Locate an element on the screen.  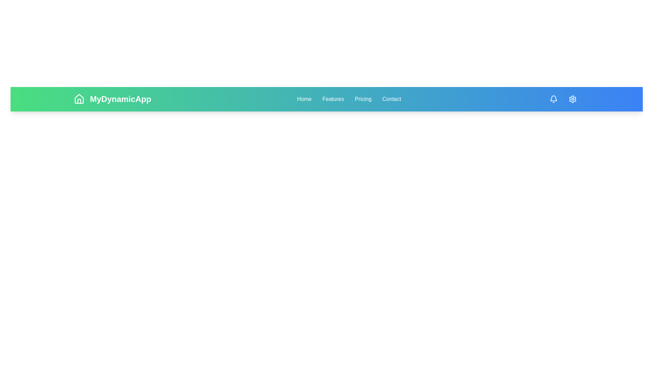
the link labeled Home to observe its hover style is located at coordinates (304, 99).